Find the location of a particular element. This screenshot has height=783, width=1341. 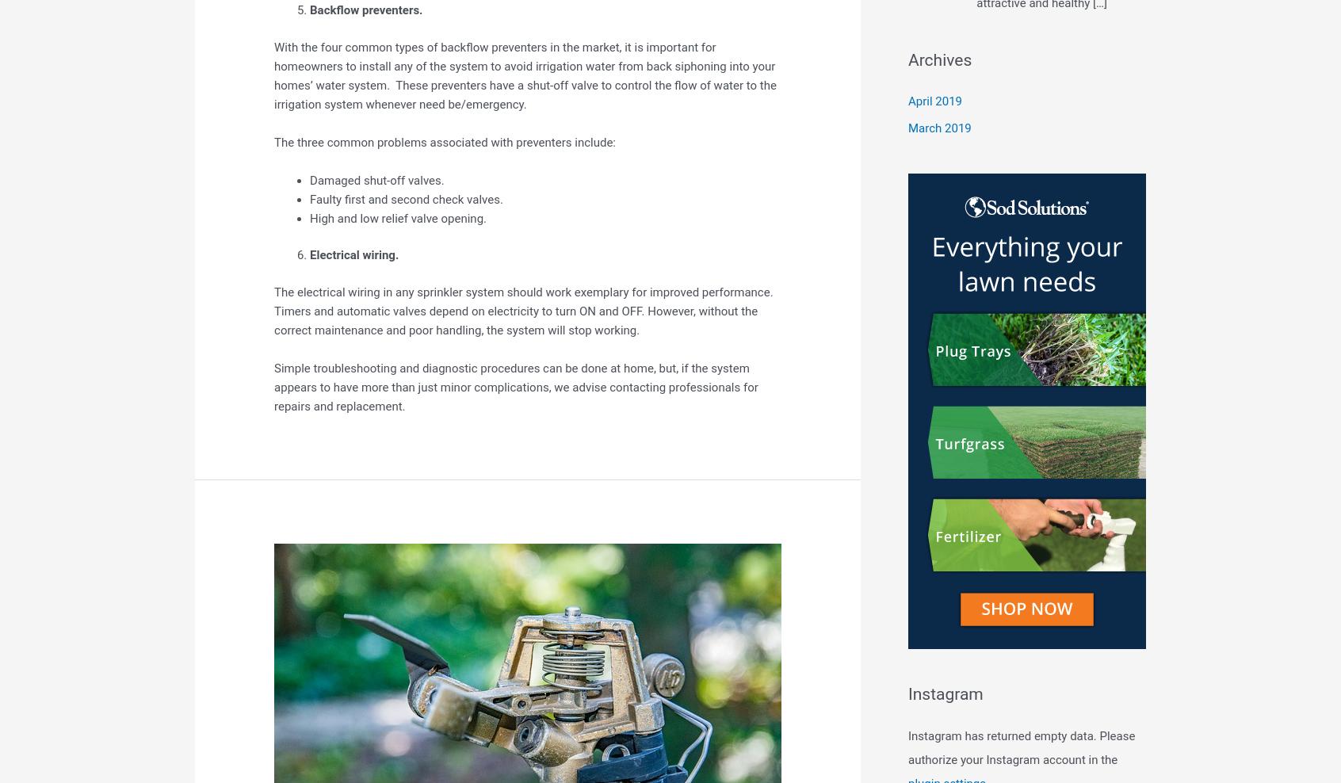

'With the four common types of backflow preventers in the market, it is important for homeowners to install any of the system to avoid irrigation water from back siphoning into your homes’ water system.  These preventers have a shut-off valve to control the flow of water to the irrigation system whenever need be/emergency.' is located at coordinates (273, 75).